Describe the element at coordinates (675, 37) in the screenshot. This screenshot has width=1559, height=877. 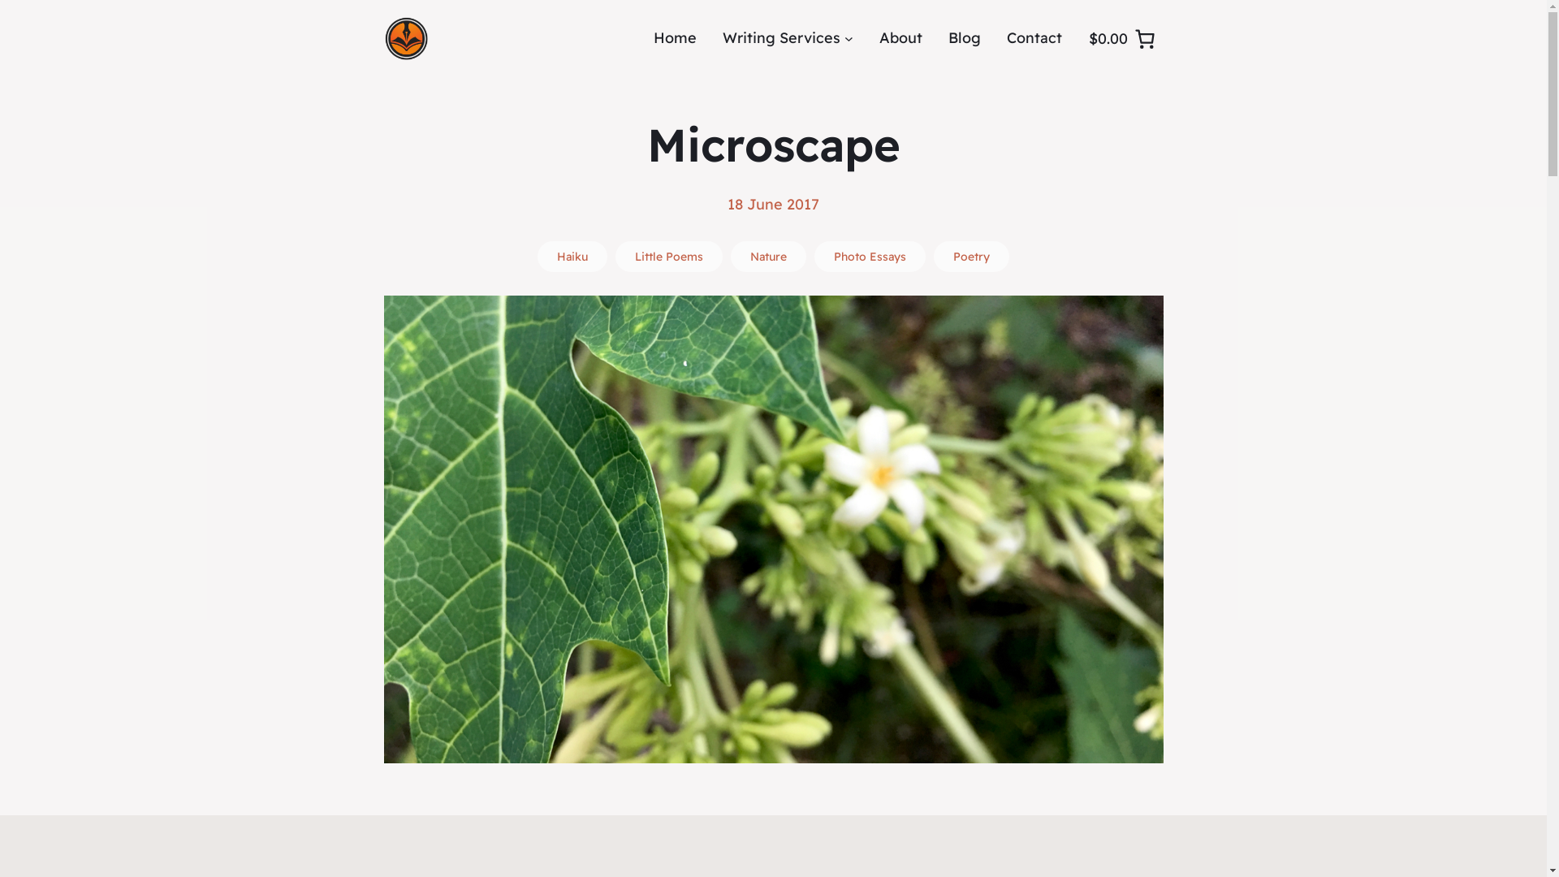
I see `'Home'` at that location.